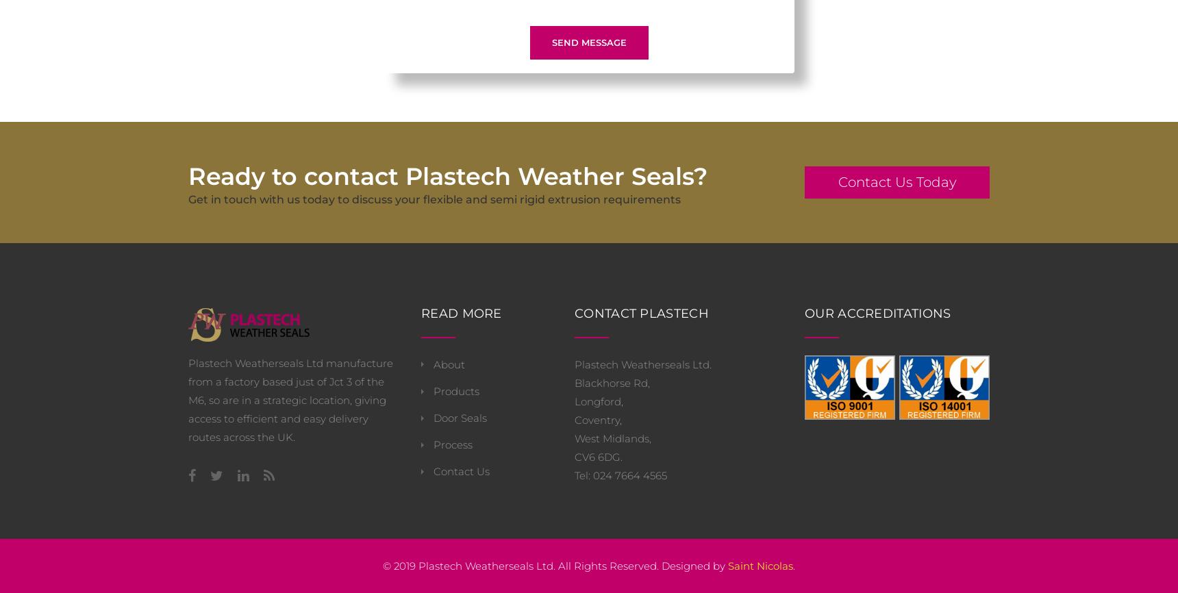  What do you see at coordinates (453, 444) in the screenshot?
I see `'Process'` at bounding box center [453, 444].